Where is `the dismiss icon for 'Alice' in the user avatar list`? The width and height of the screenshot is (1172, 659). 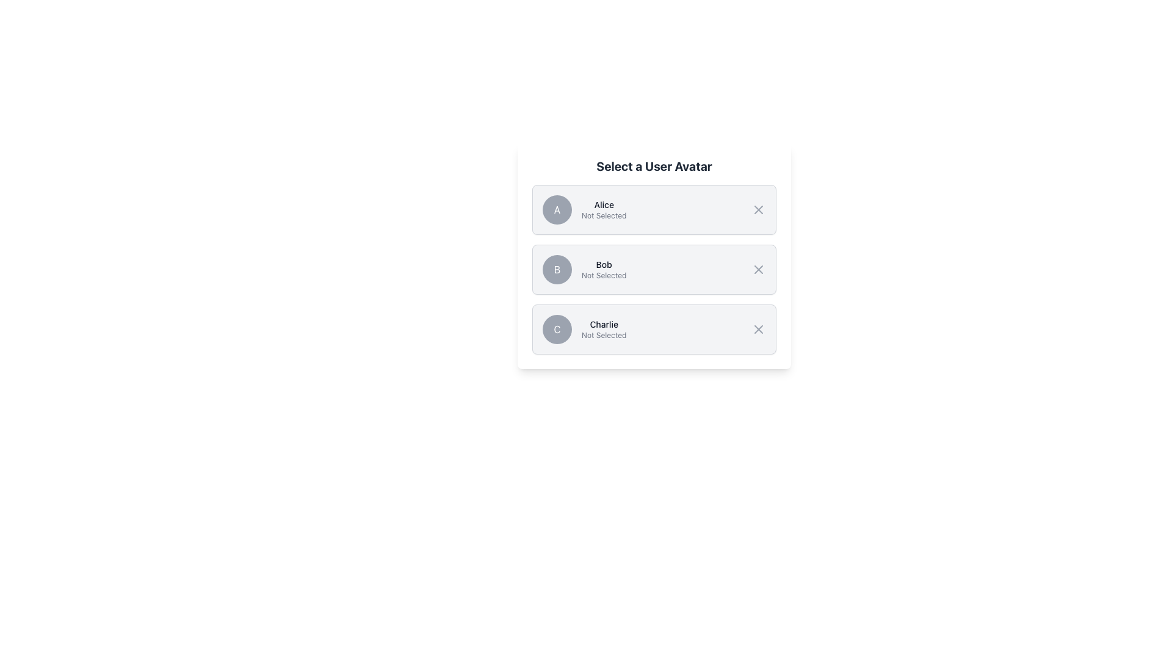 the dismiss icon for 'Alice' in the user avatar list is located at coordinates (758, 209).